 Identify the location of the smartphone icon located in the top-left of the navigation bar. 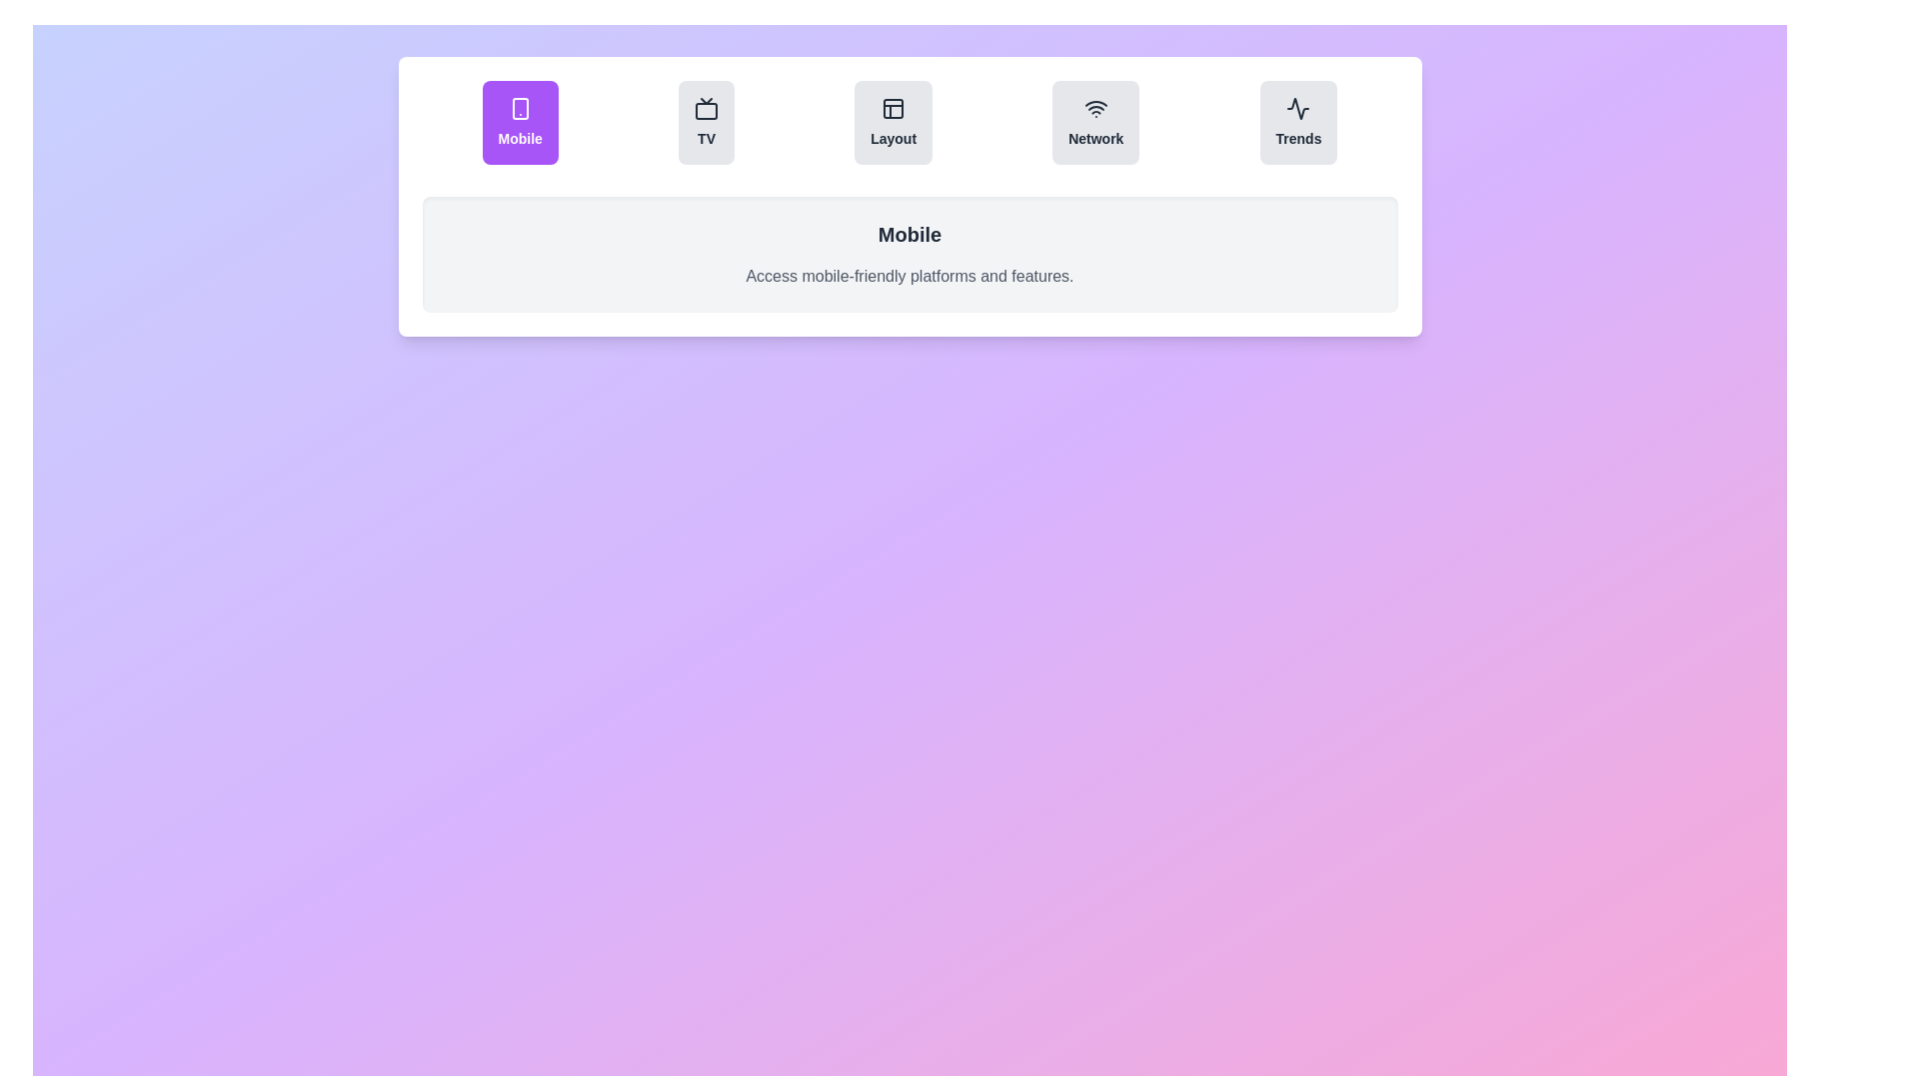
(520, 108).